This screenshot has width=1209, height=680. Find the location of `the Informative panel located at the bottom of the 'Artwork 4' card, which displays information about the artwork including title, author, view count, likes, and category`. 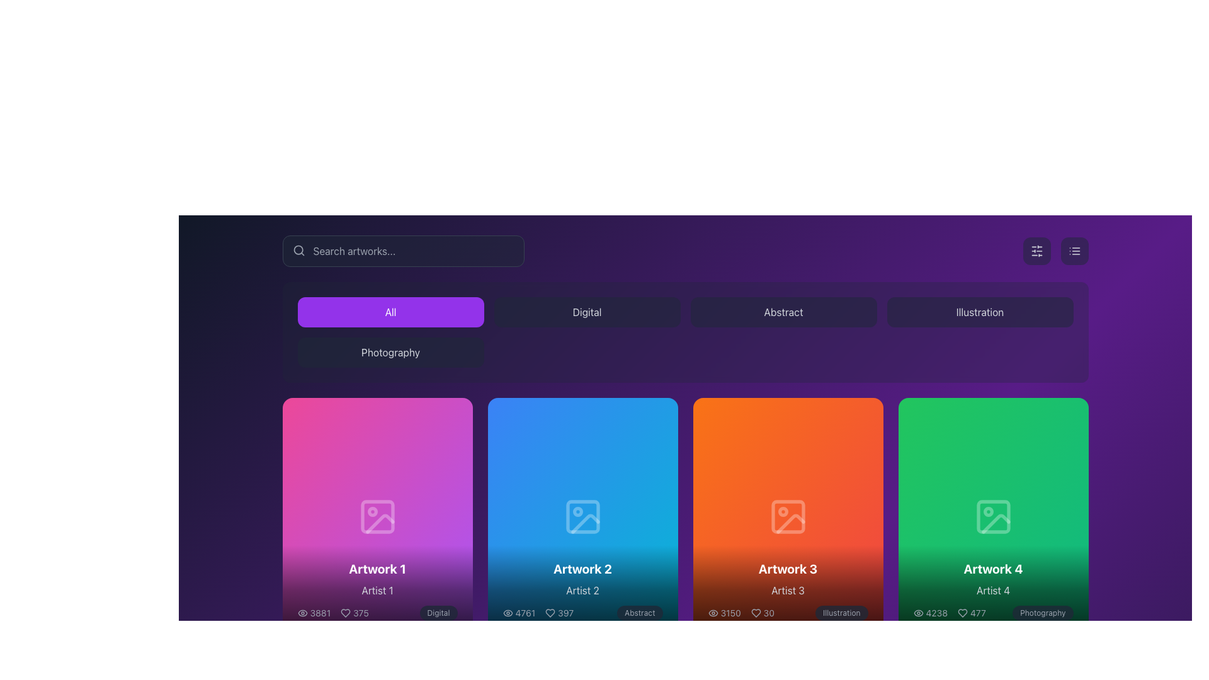

the Informative panel located at the bottom of the 'Artwork 4' card, which displays information about the artwork including title, author, view count, likes, and category is located at coordinates (992, 590).